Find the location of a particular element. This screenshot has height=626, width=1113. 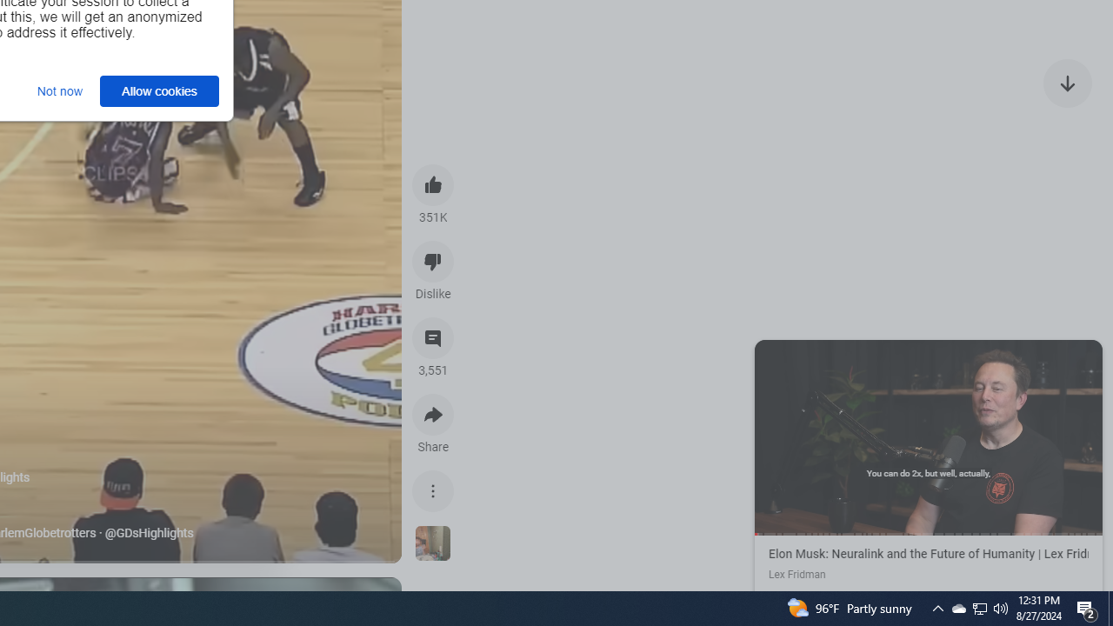

'Allow cookies' is located at coordinates (159, 90).